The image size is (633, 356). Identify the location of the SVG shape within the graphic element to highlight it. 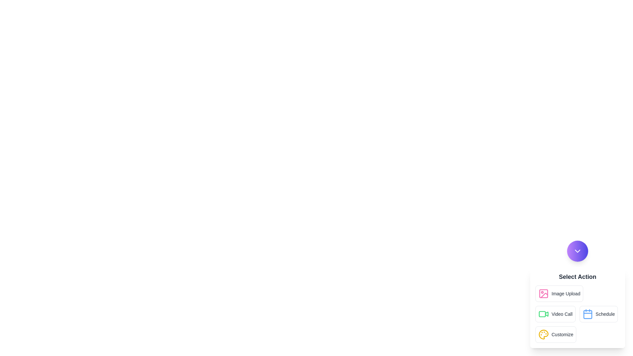
(544, 293).